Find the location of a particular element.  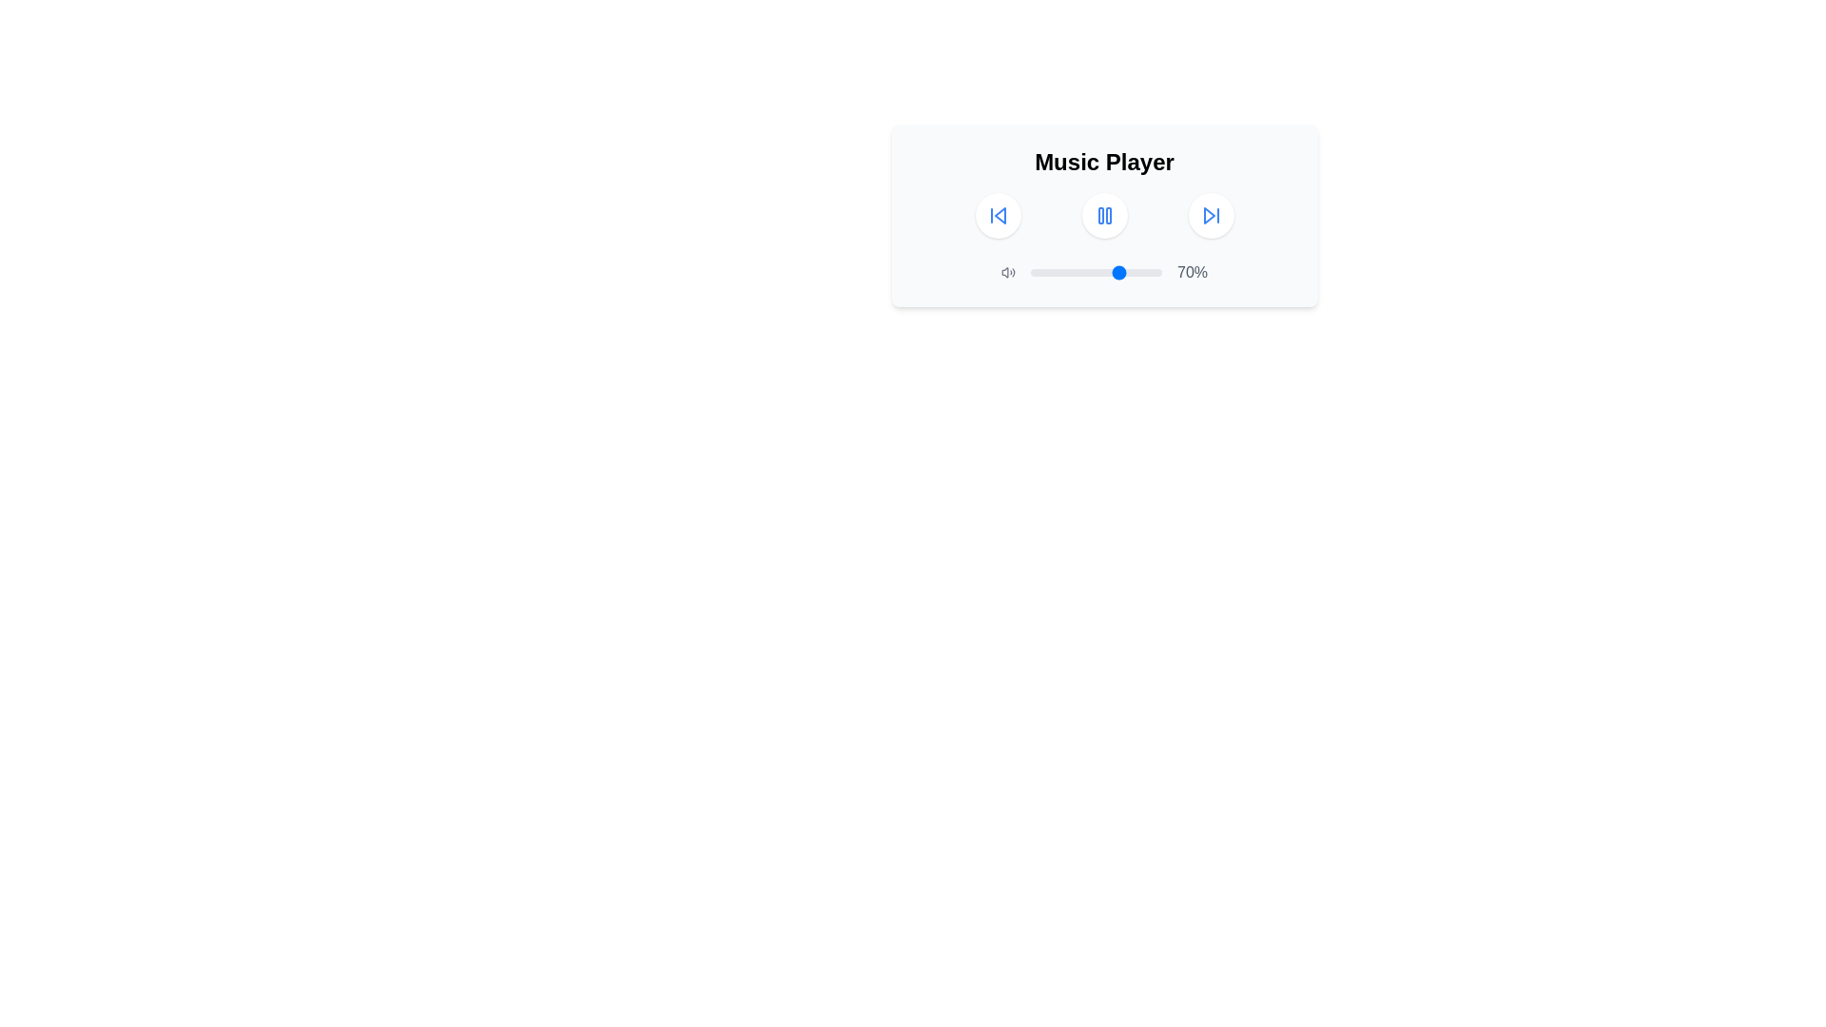

the 'Skip Forward' button with an SVG icon in the music player interface to skip to the next track is located at coordinates (1210, 215).